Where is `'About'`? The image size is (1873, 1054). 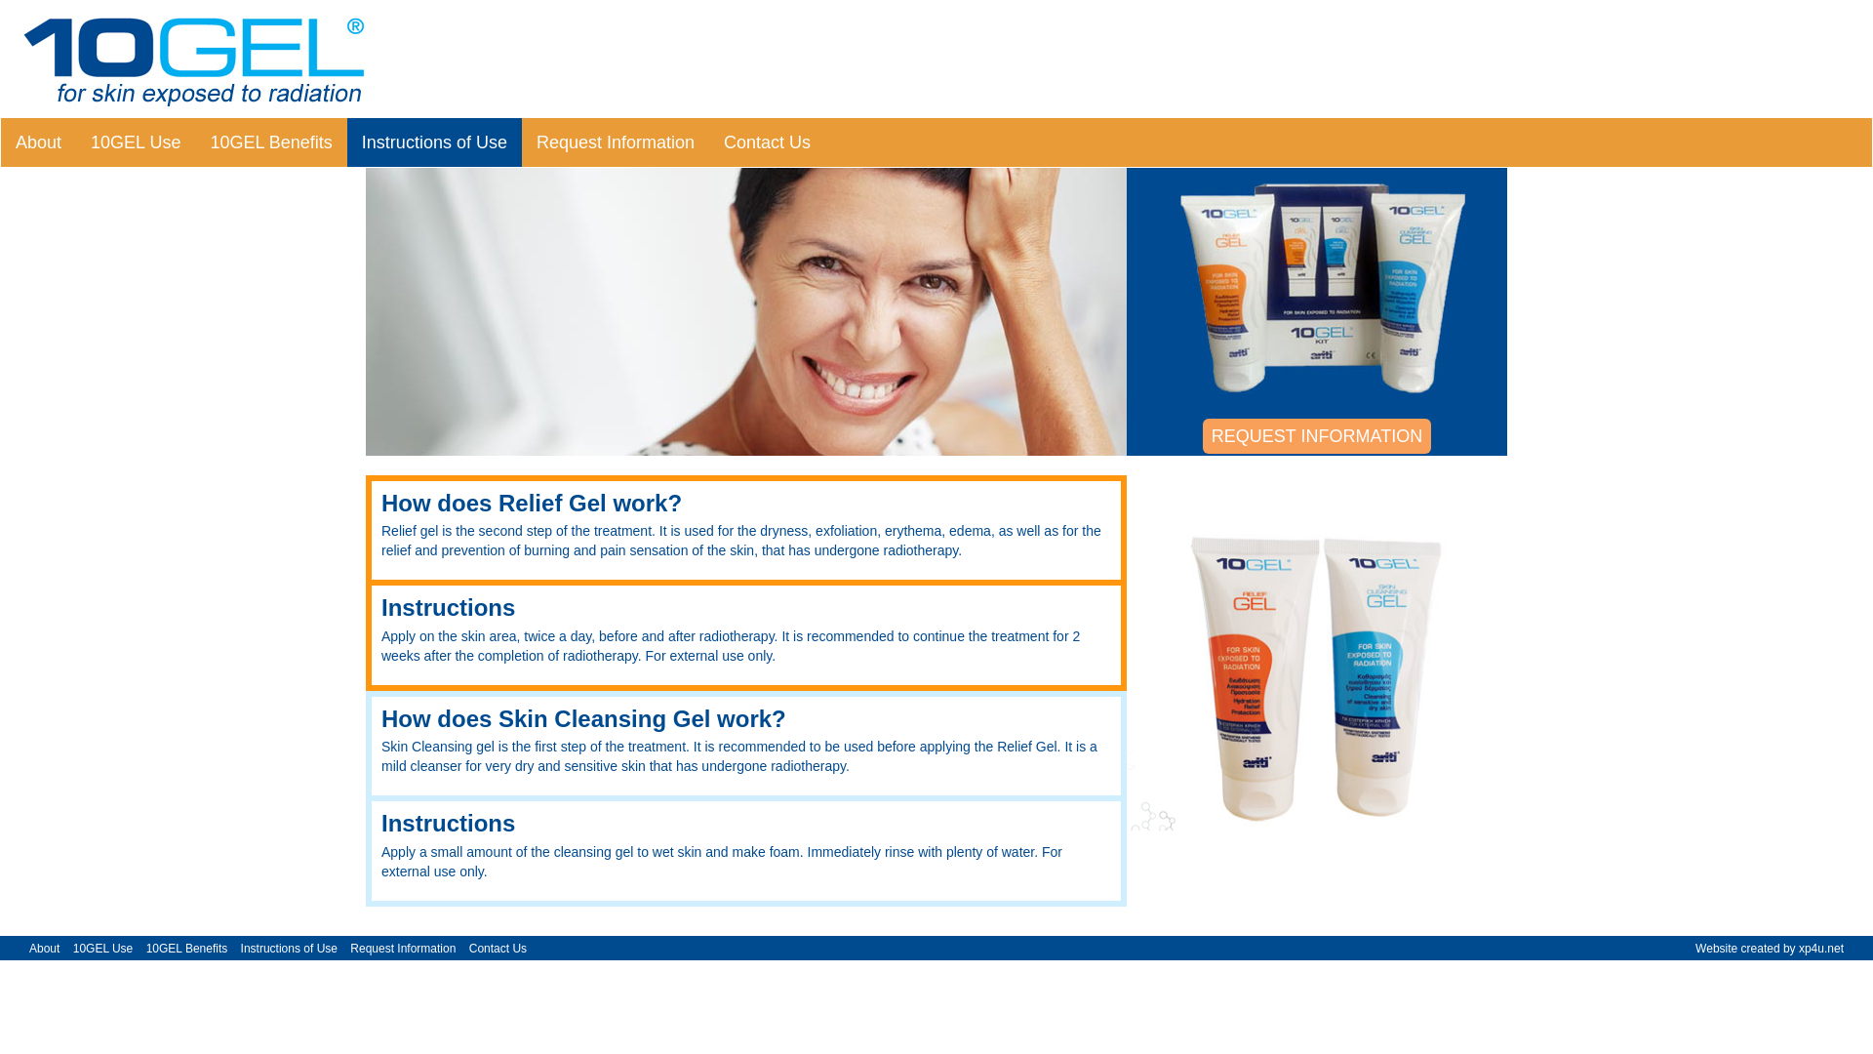 'About' is located at coordinates (38, 142).